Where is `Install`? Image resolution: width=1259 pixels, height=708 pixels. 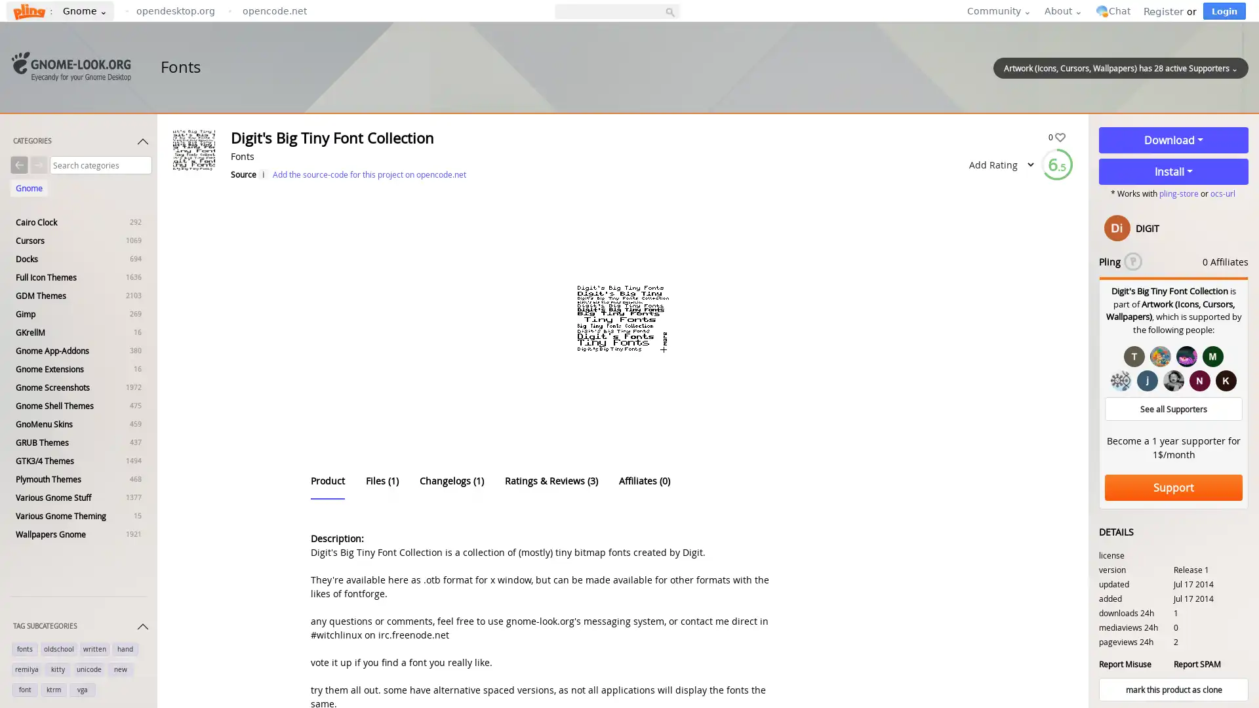 Install is located at coordinates (1174, 171).